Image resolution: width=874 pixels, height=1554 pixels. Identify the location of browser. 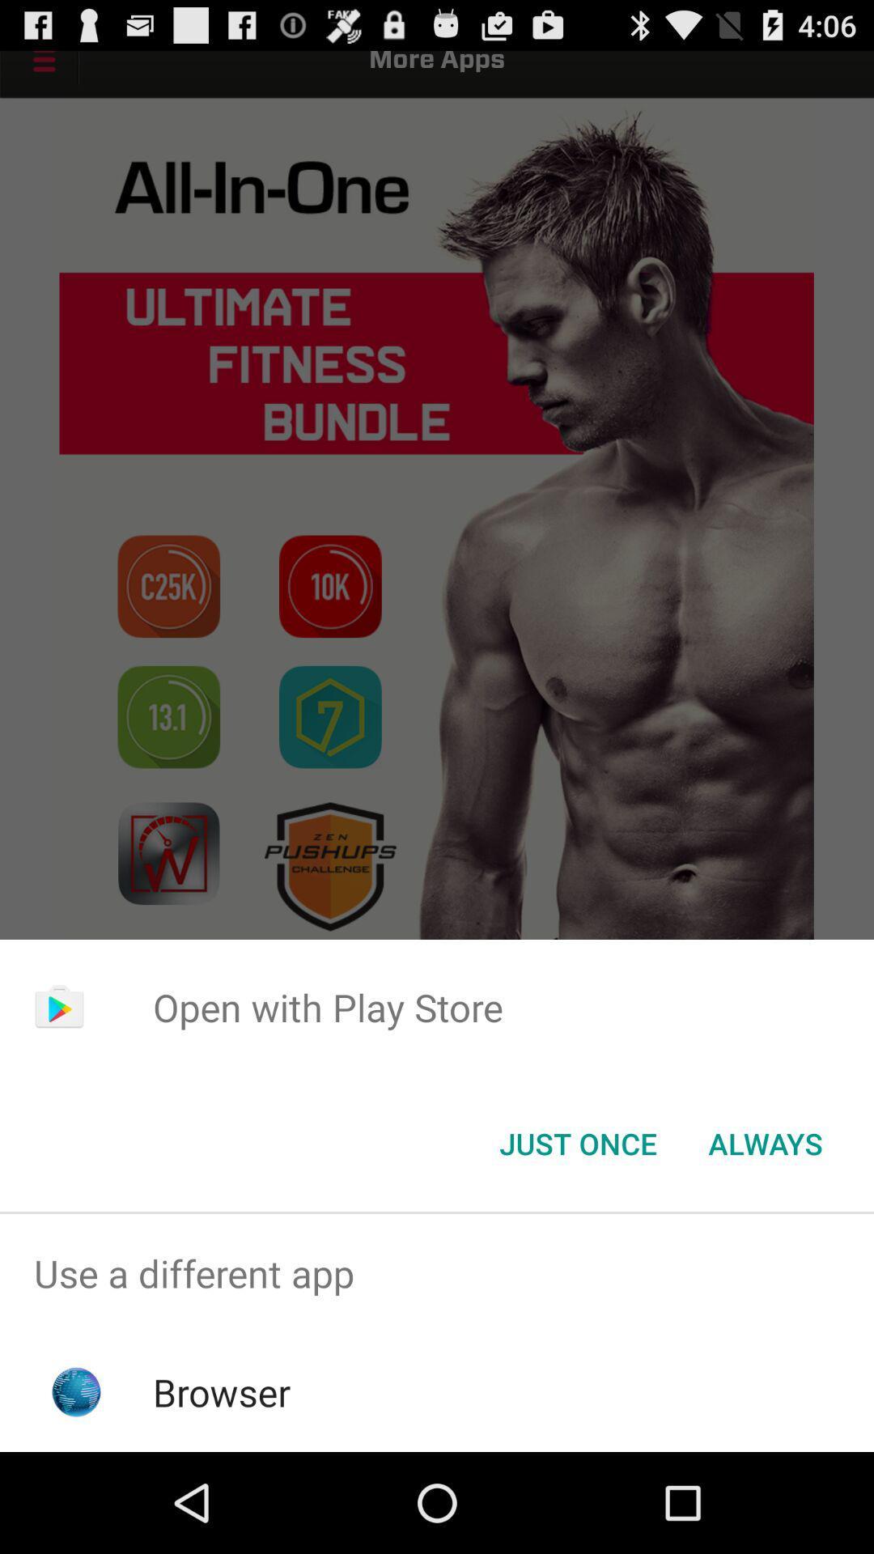
(222, 1391).